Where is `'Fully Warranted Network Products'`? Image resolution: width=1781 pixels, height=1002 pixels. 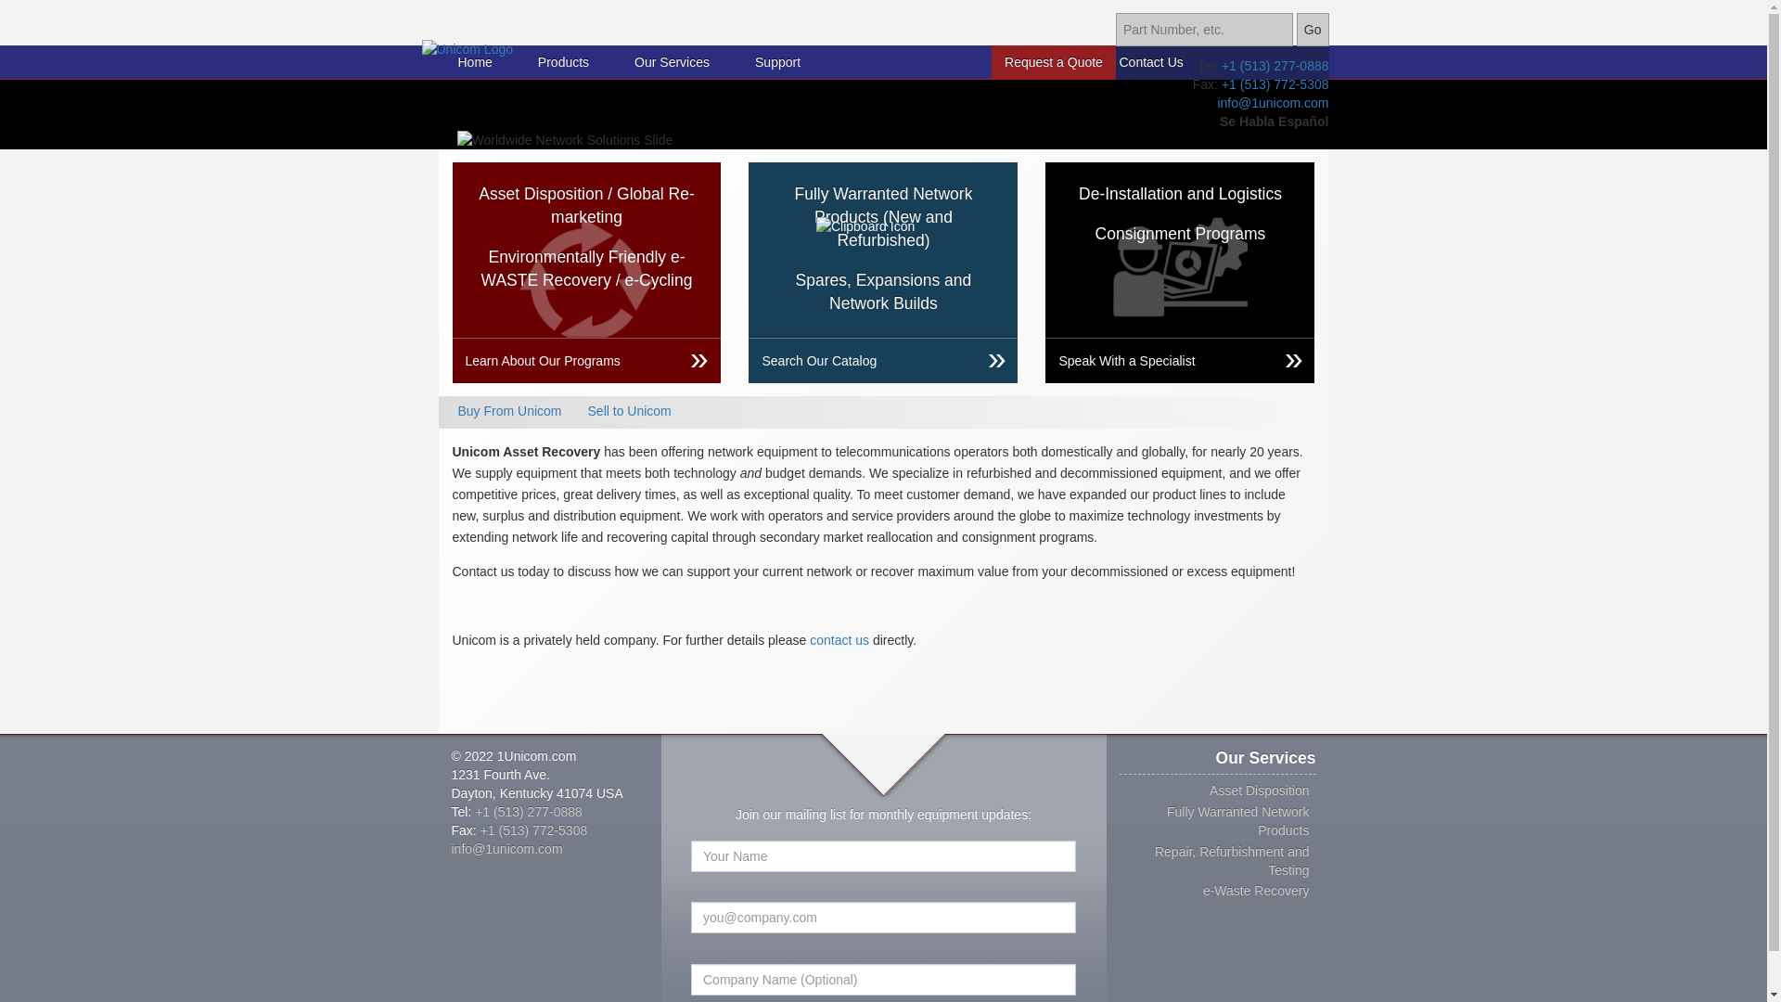
'Fully Warranted Network Products' is located at coordinates (1237, 819).